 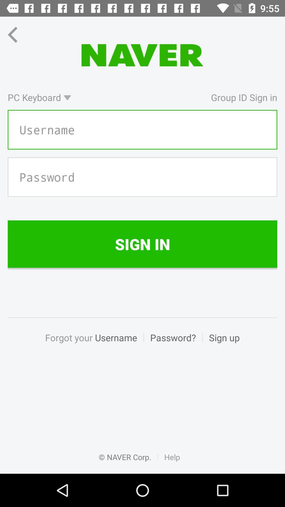 I want to click on username, so click(x=142, y=130).